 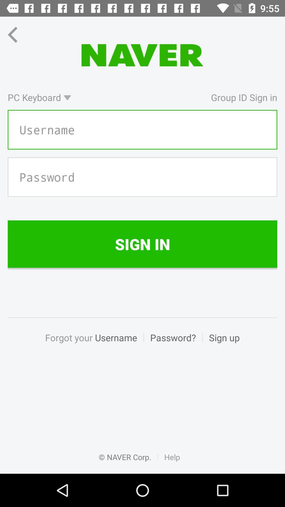 I want to click on username, so click(x=142, y=130).